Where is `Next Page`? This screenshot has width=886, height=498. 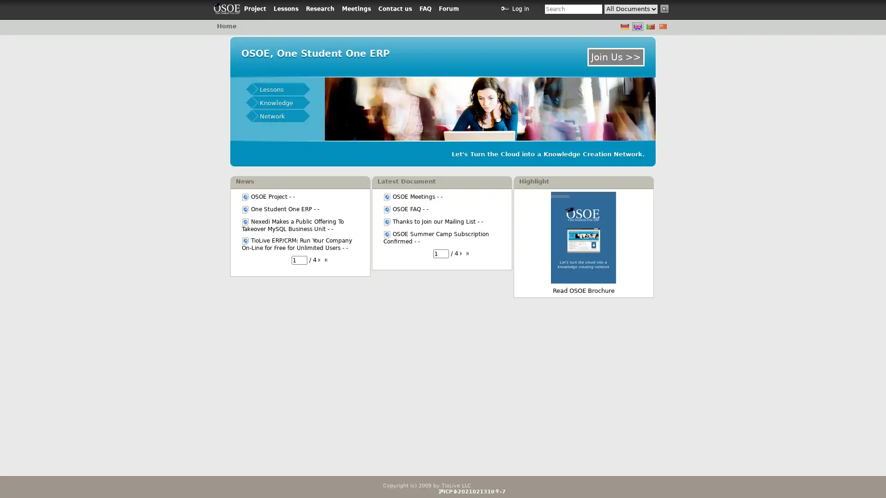
Next Page is located at coordinates (321, 260).